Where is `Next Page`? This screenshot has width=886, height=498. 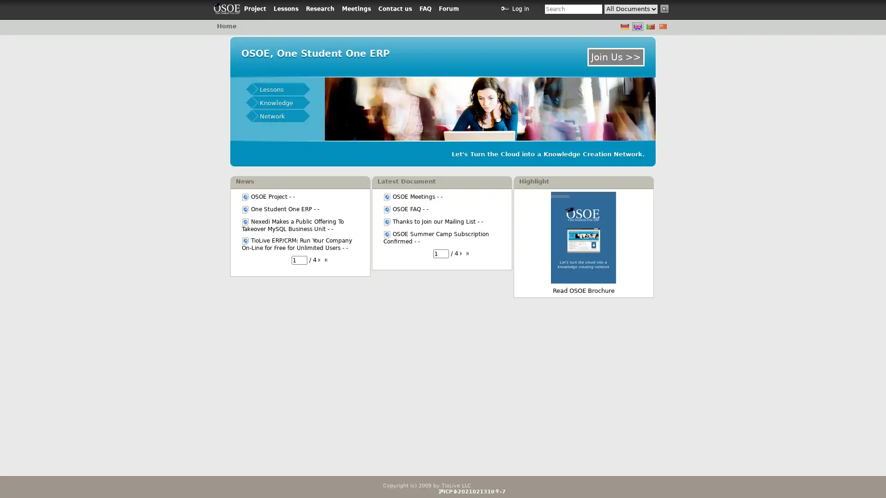
Next Page is located at coordinates (321, 260).